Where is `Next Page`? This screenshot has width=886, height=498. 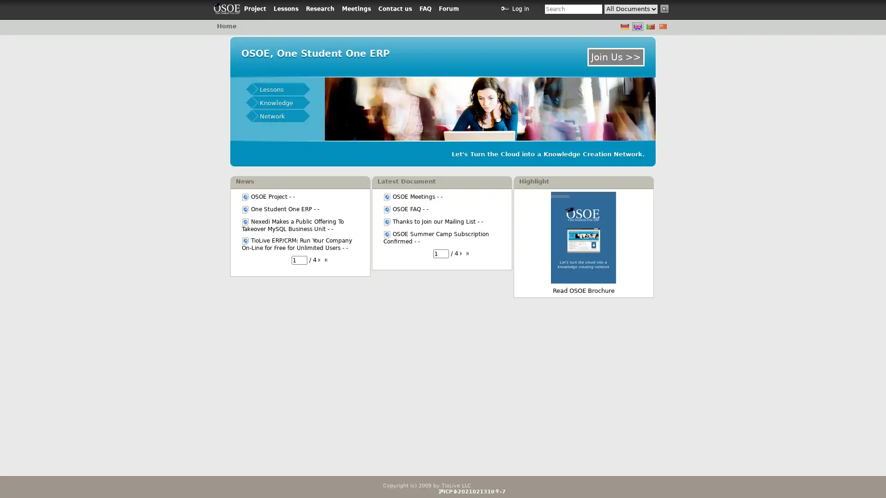
Next Page is located at coordinates (321, 260).